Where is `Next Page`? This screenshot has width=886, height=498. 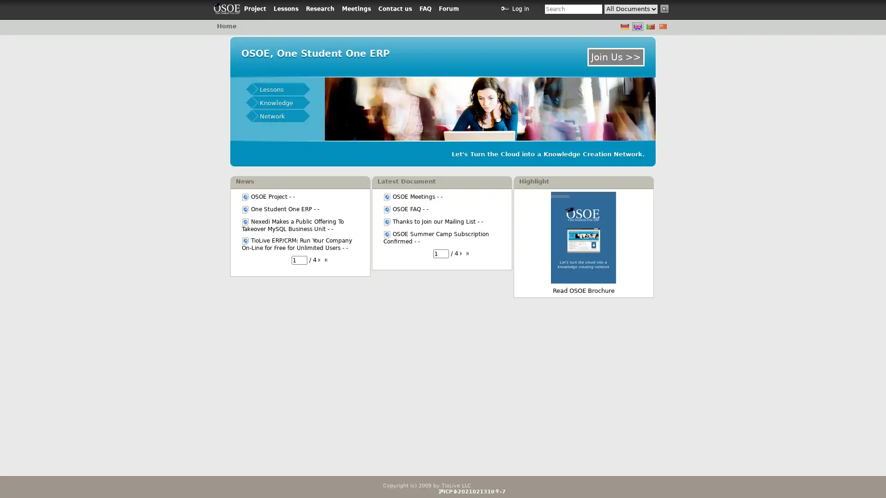
Next Page is located at coordinates (321, 260).